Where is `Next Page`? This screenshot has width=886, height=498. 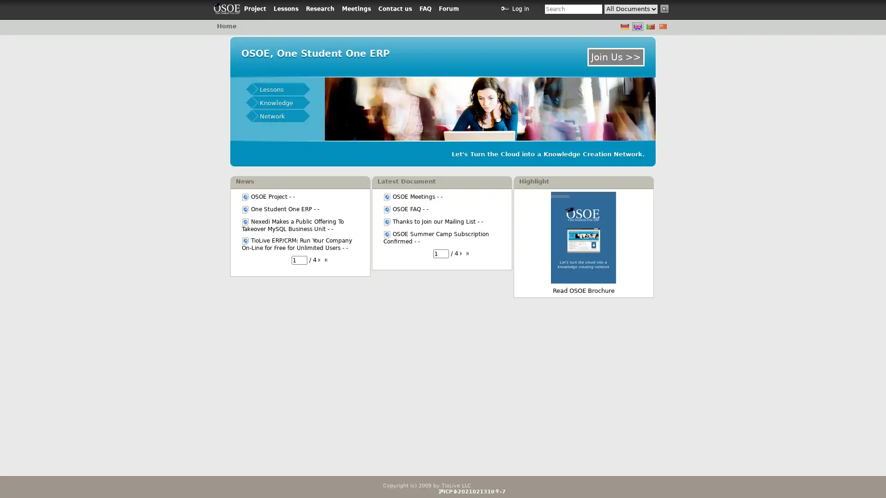
Next Page is located at coordinates (321, 260).